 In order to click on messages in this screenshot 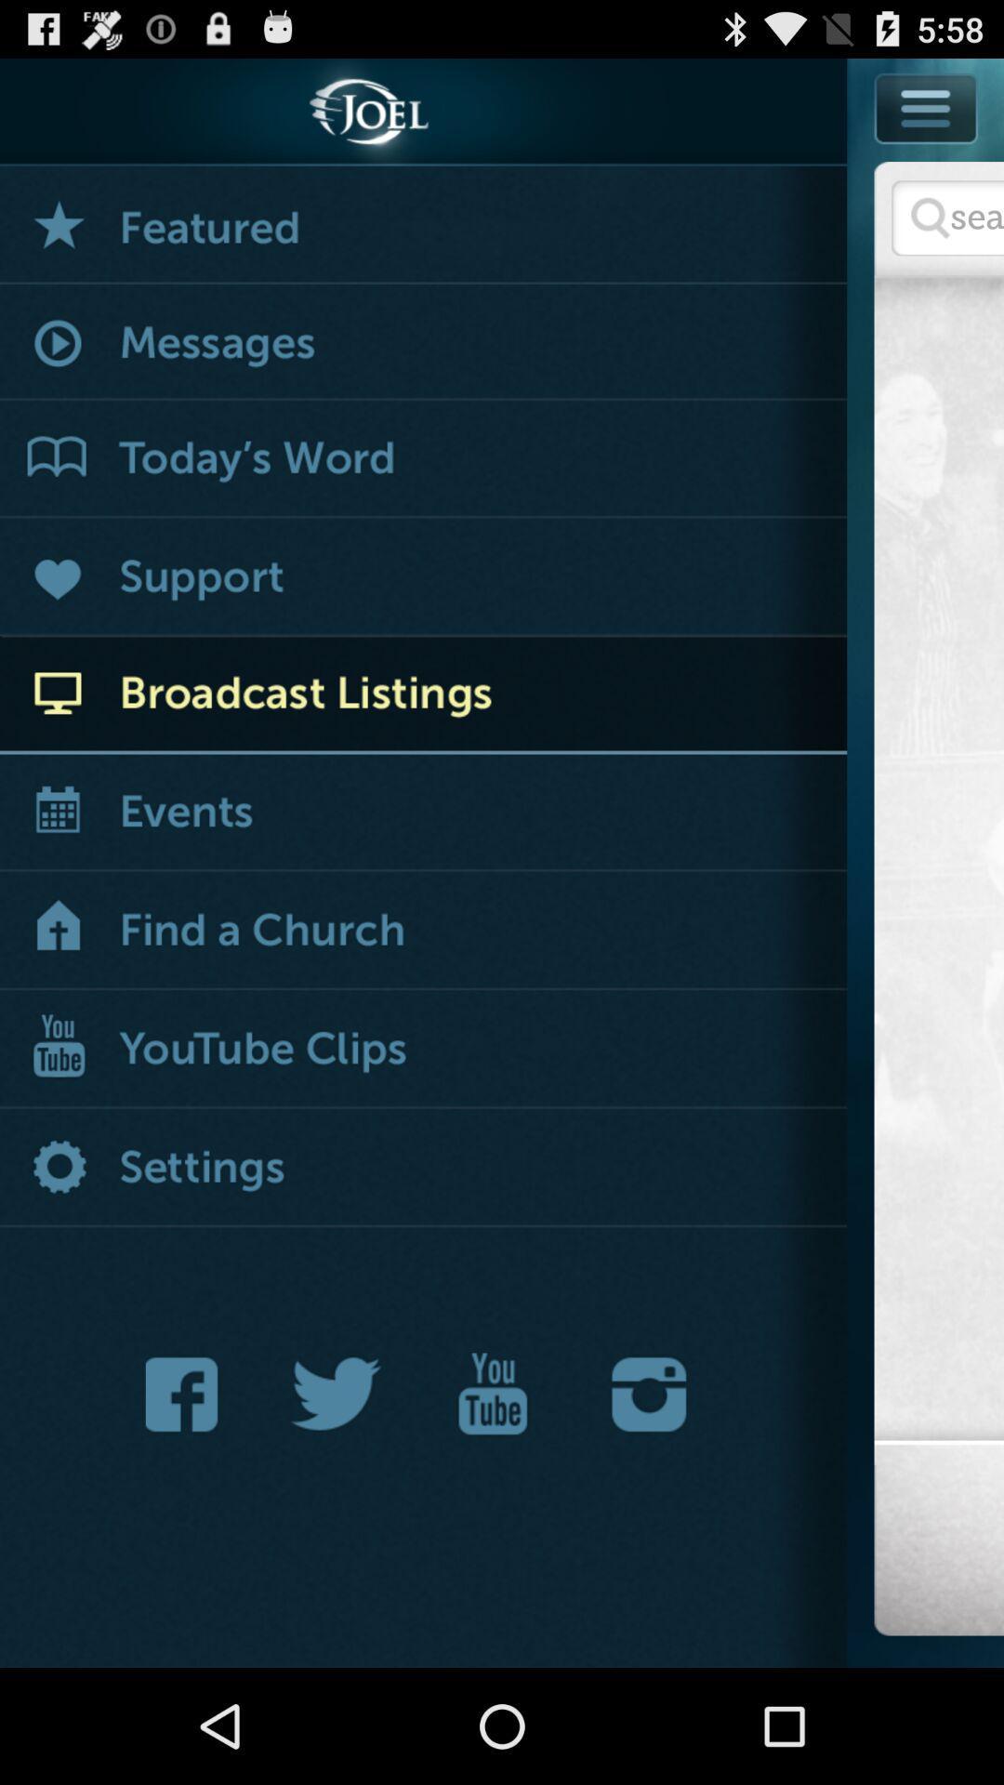, I will do `click(423, 343)`.